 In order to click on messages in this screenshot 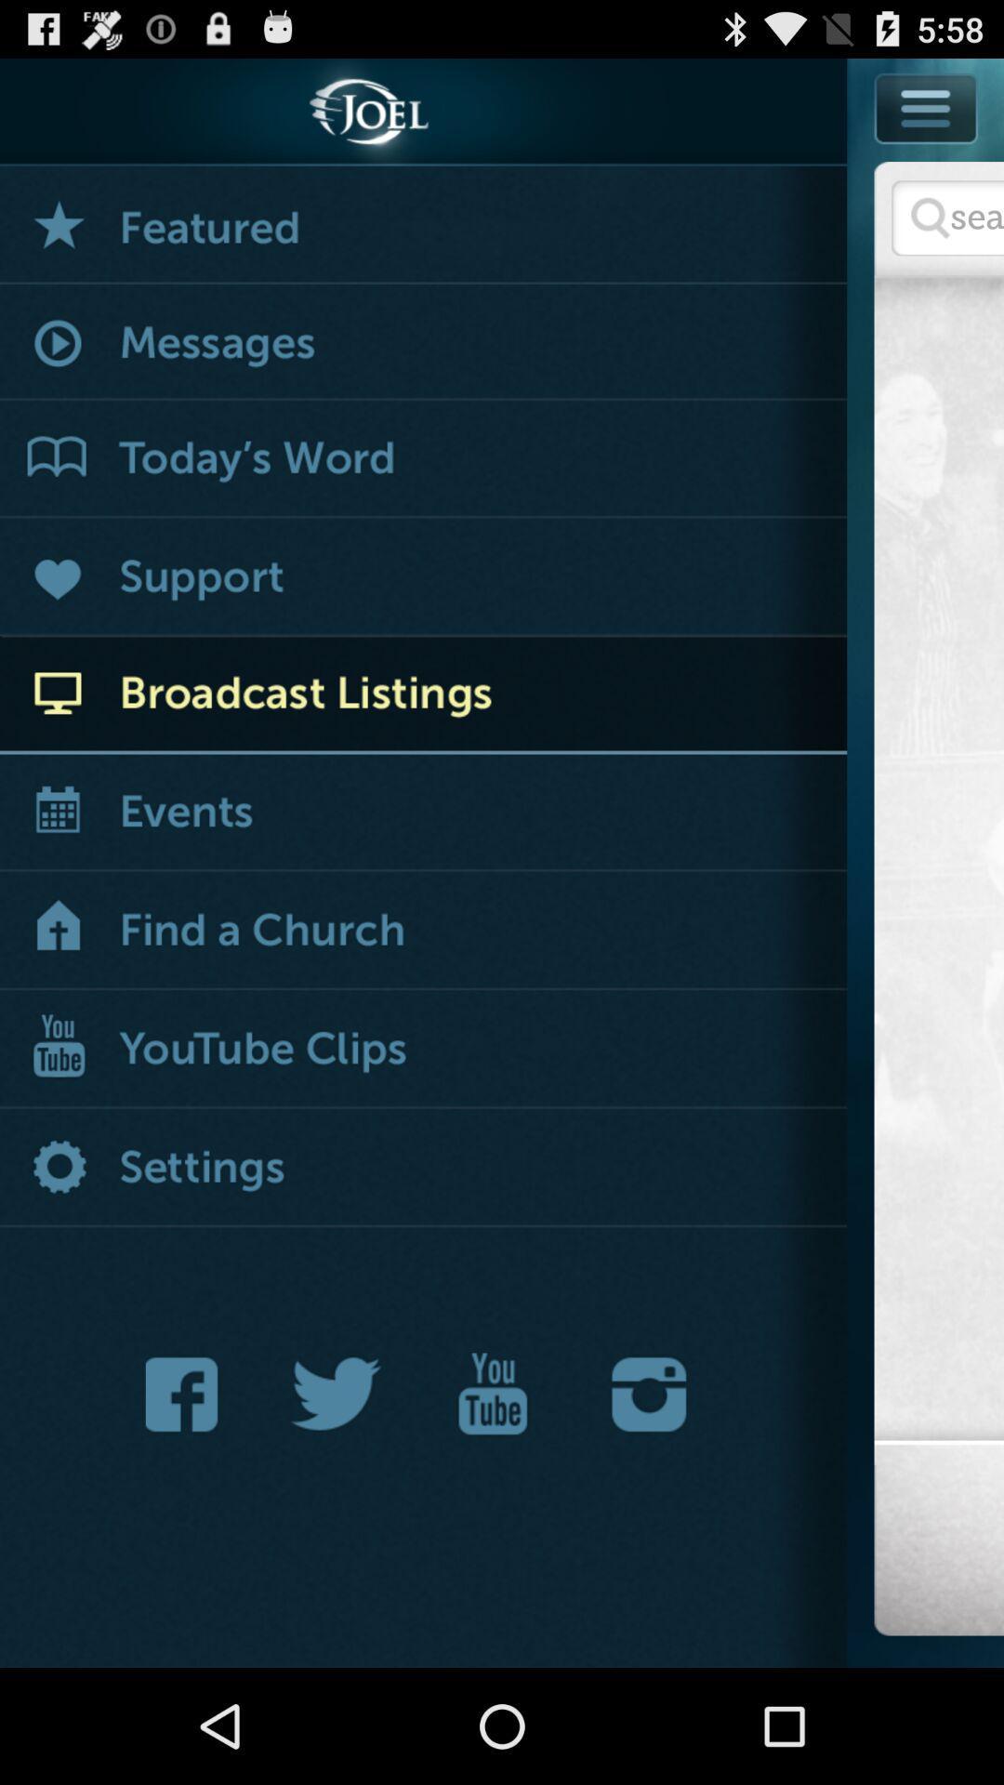, I will do `click(423, 343)`.